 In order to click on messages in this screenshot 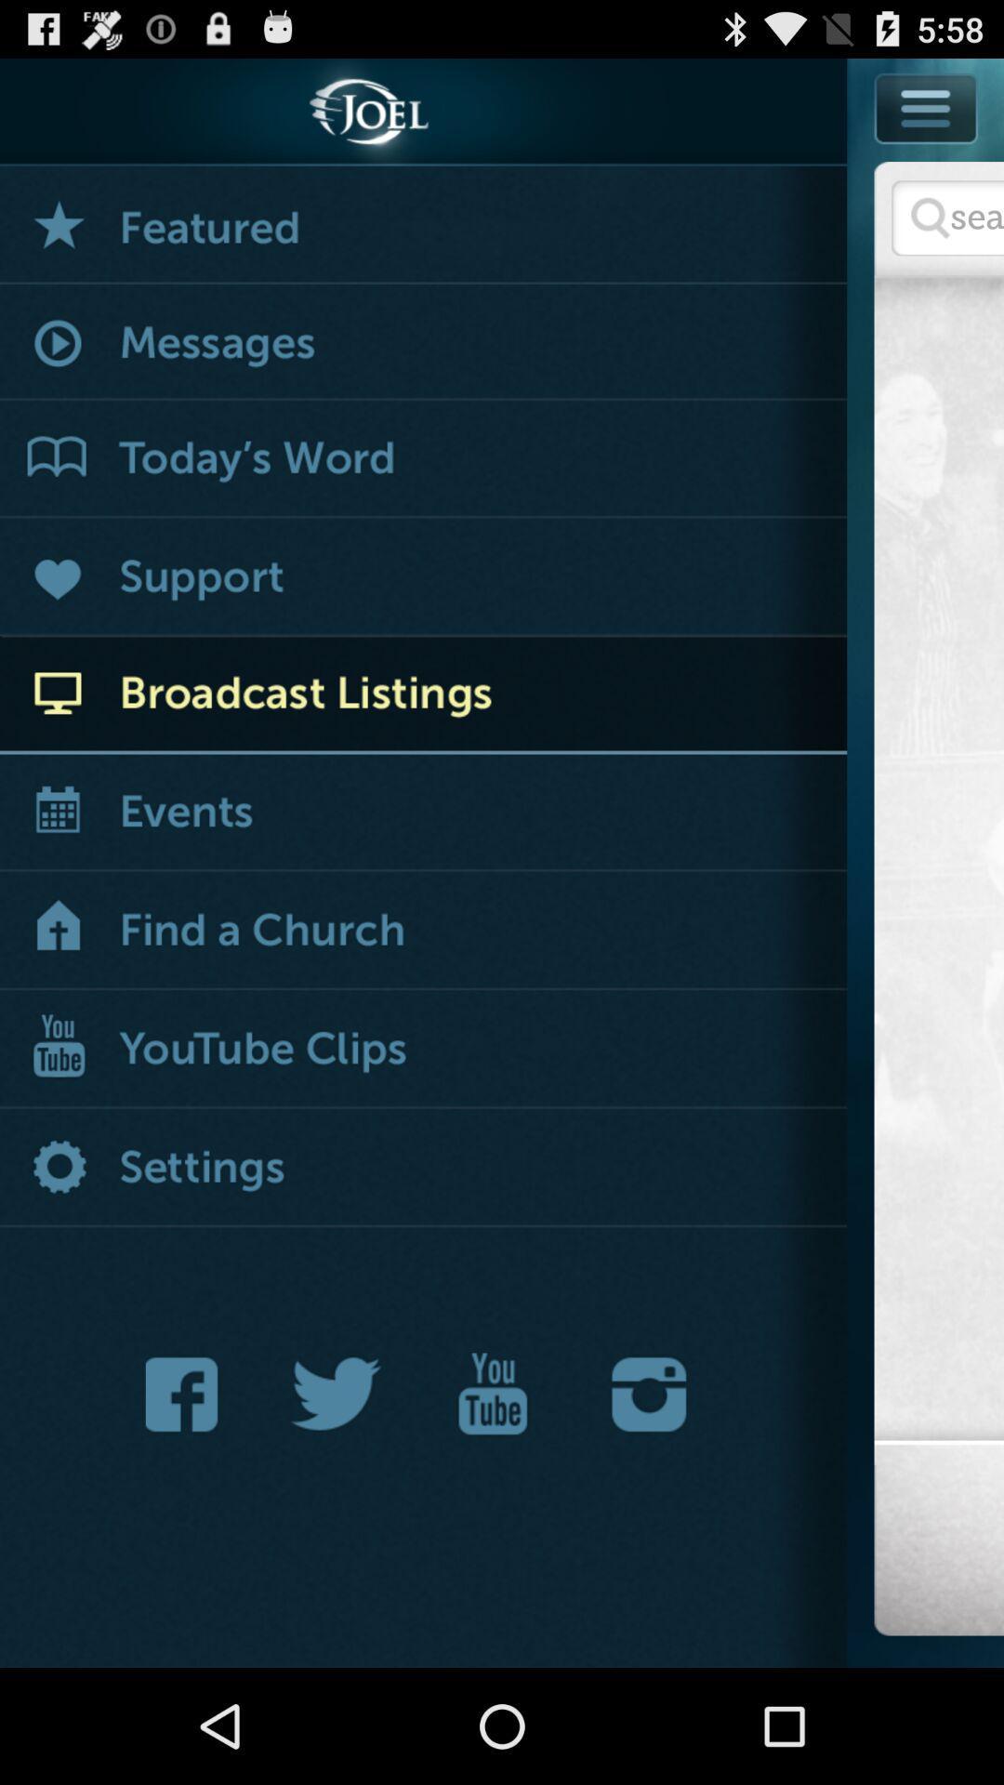, I will do `click(423, 343)`.